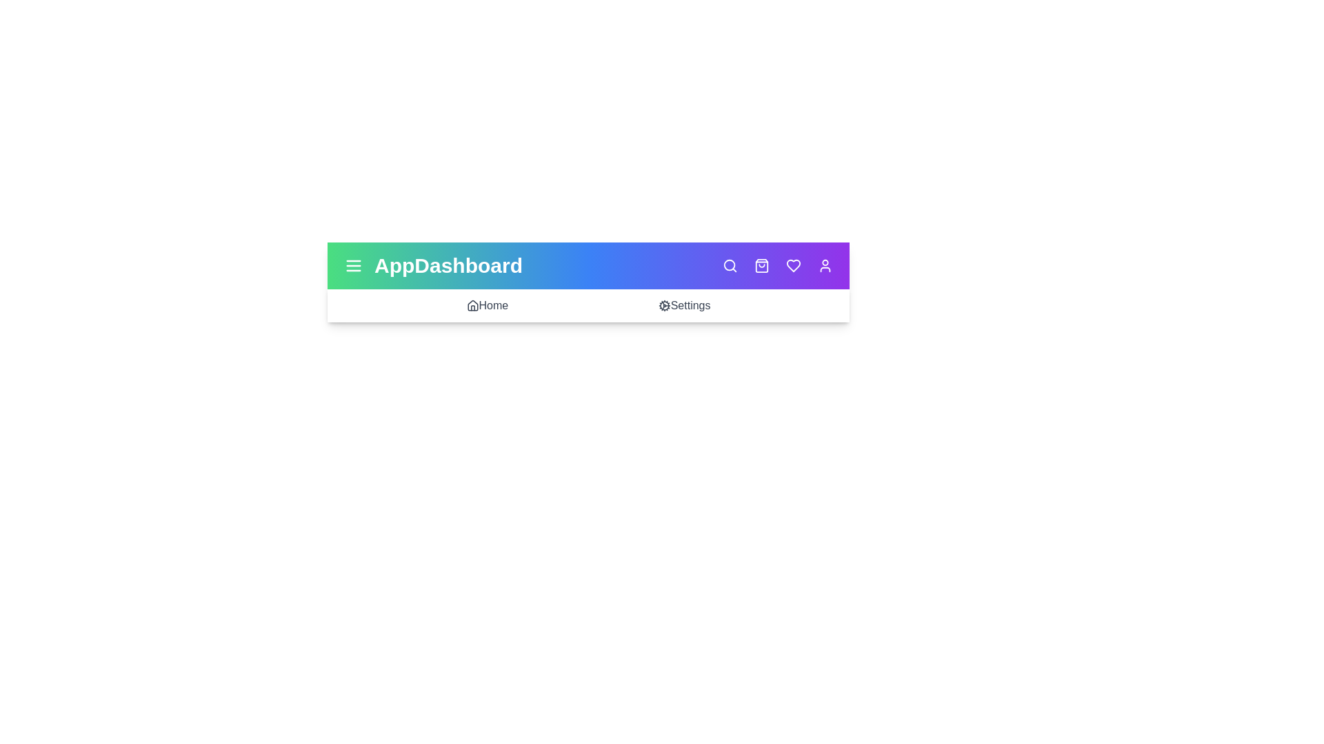  Describe the element at coordinates (794, 265) in the screenshot. I see `the heart icon to open the favorites section` at that location.